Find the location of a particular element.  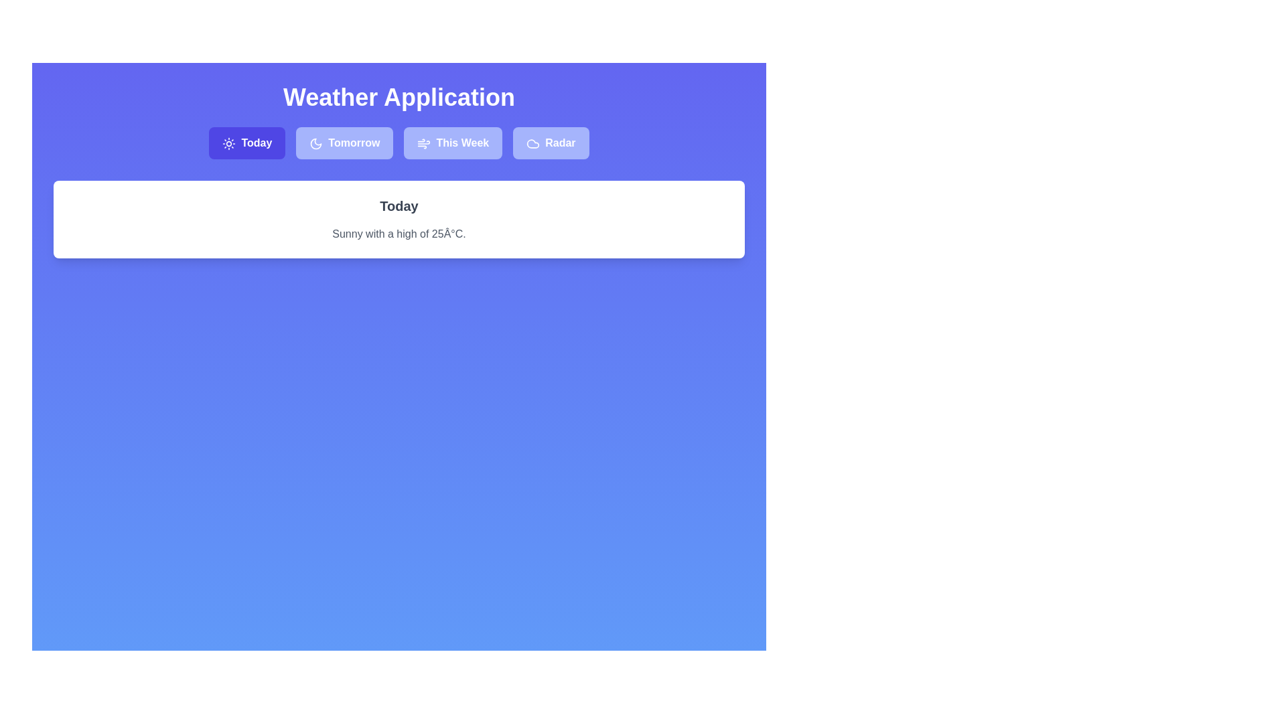

the tab labeled Today to observe the hover effect is located at coordinates (247, 143).